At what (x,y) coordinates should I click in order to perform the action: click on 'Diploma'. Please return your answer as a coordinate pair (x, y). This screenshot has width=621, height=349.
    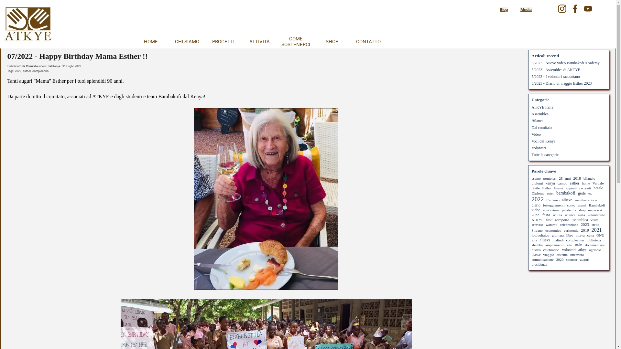
    Looking at the image, I should click on (538, 193).